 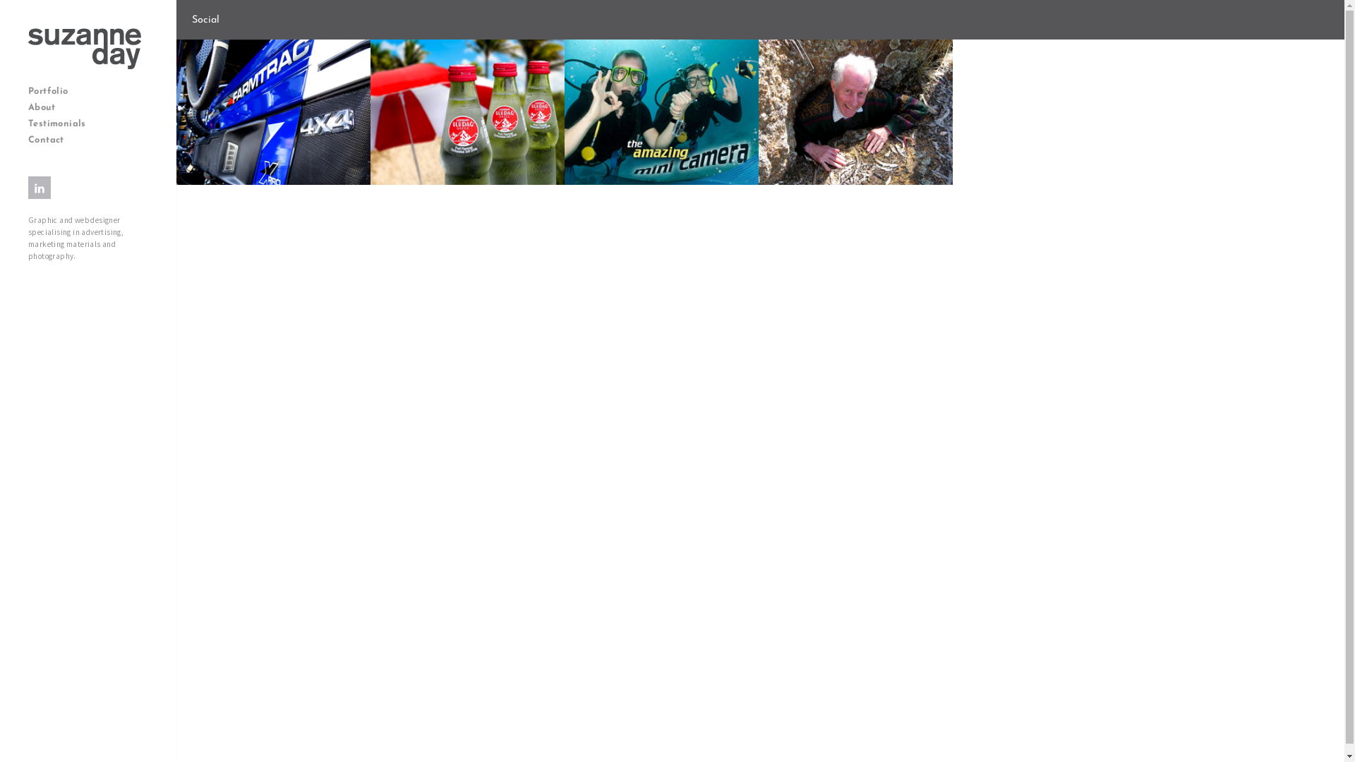 What do you see at coordinates (175, 111) in the screenshot?
I see `'Sota Tractors II'` at bounding box center [175, 111].